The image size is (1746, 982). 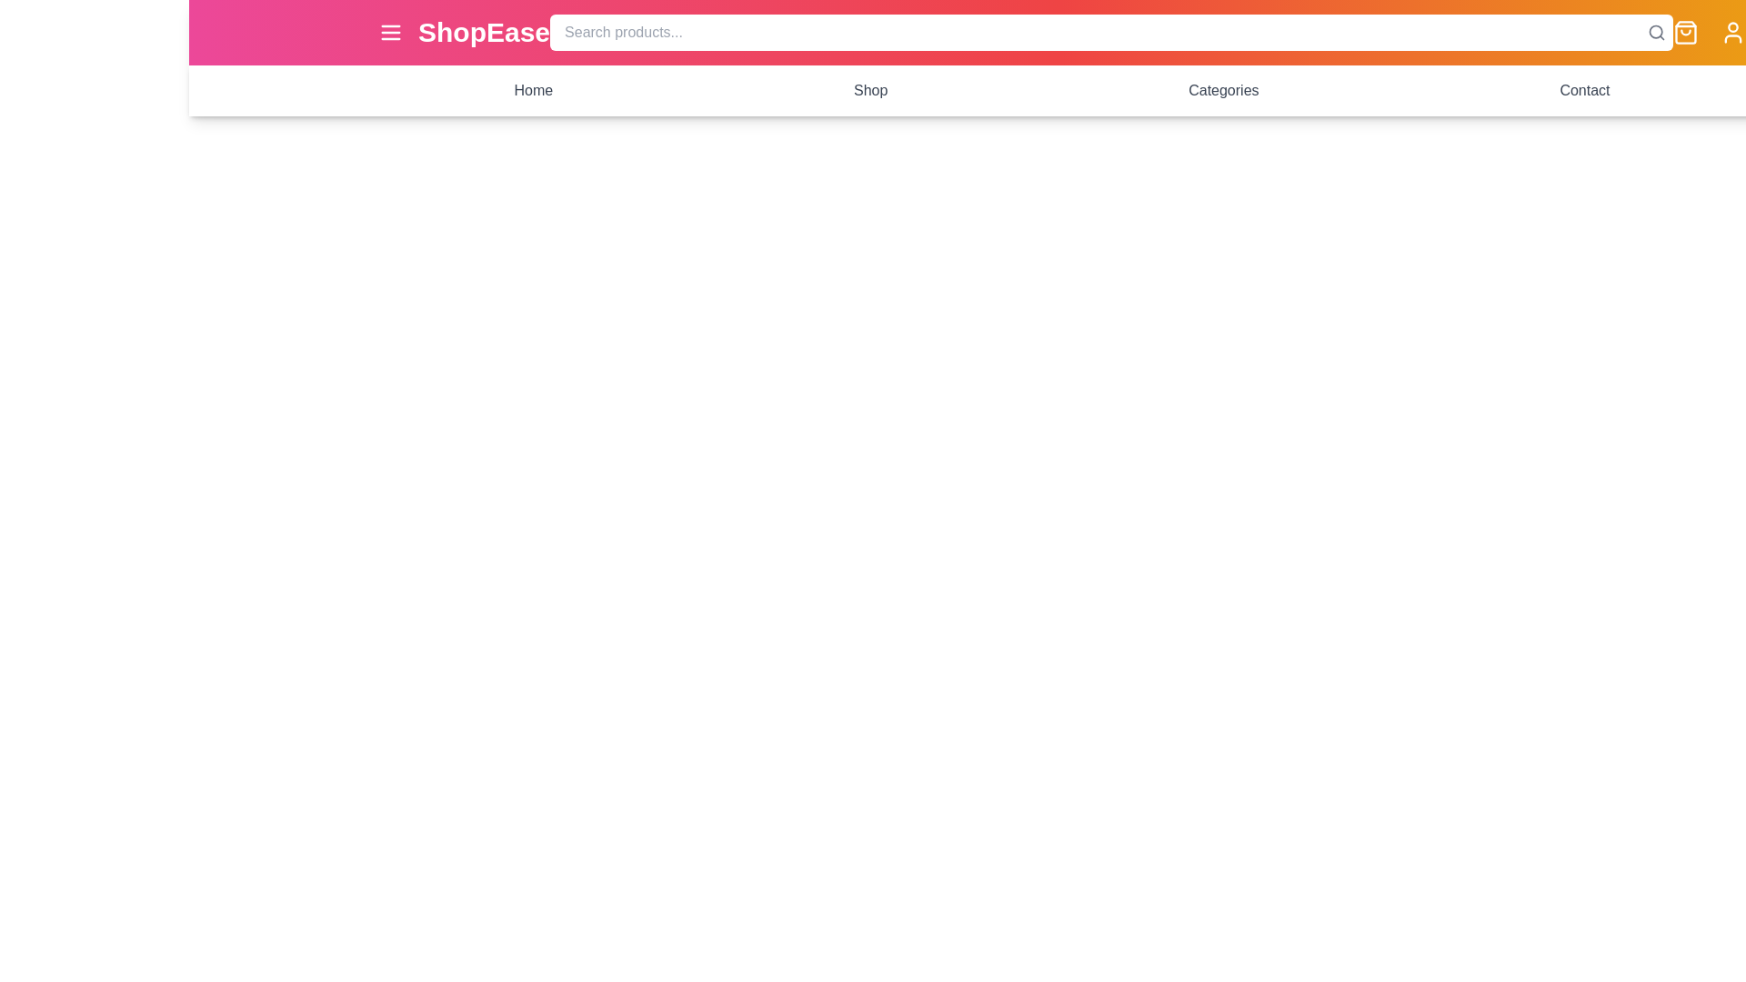 What do you see at coordinates (1583, 91) in the screenshot?
I see `the navigation link labeled Contact to navigate to the corresponding section` at bounding box center [1583, 91].